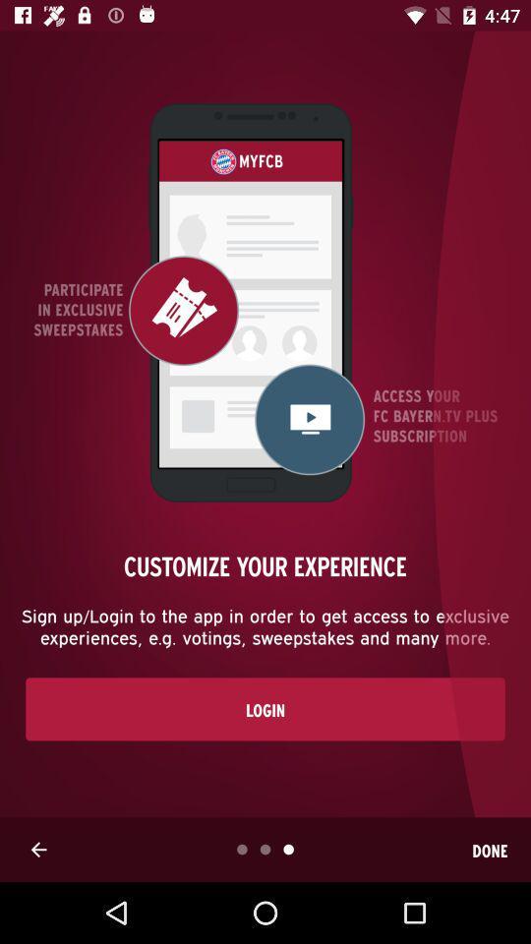  I want to click on icon to the left of done icon, so click(38, 849).